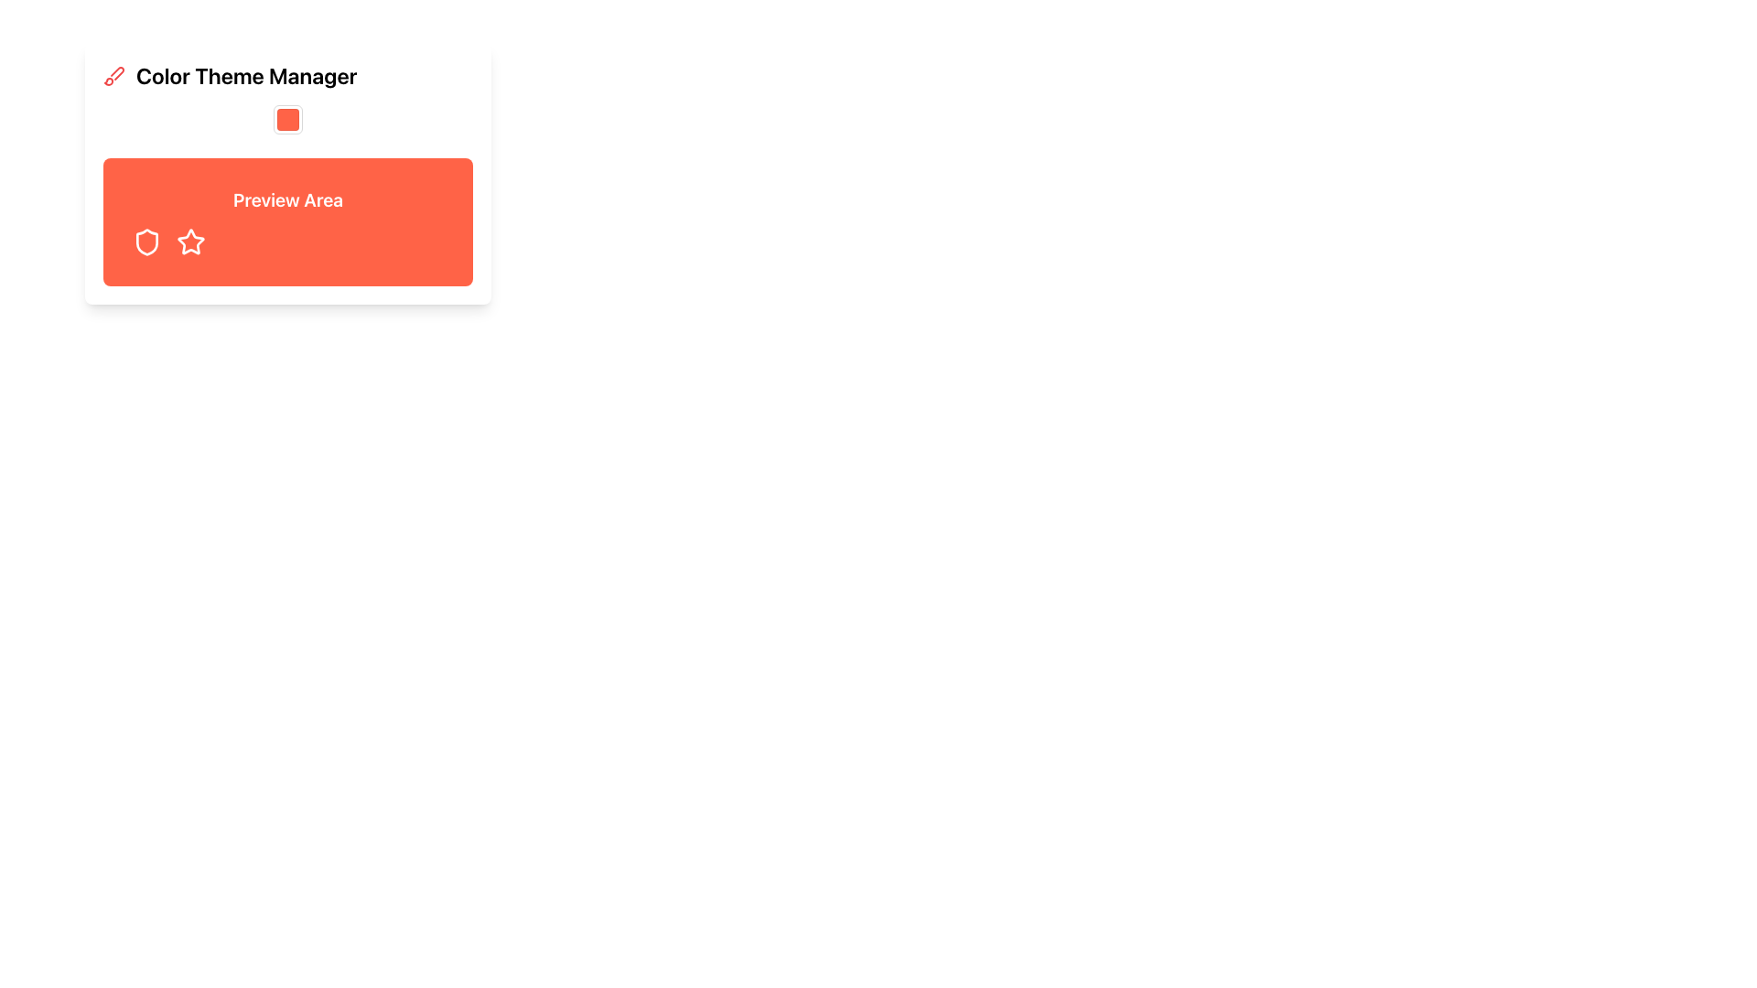 The height and width of the screenshot is (988, 1757). What do you see at coordinates (245, 75) in the screenshot?
I see `the 'Color Theme Manager' text label, which is a bold, larger-sized label positioned prominently towards the top of the interface` at bounding box center [245, 75].